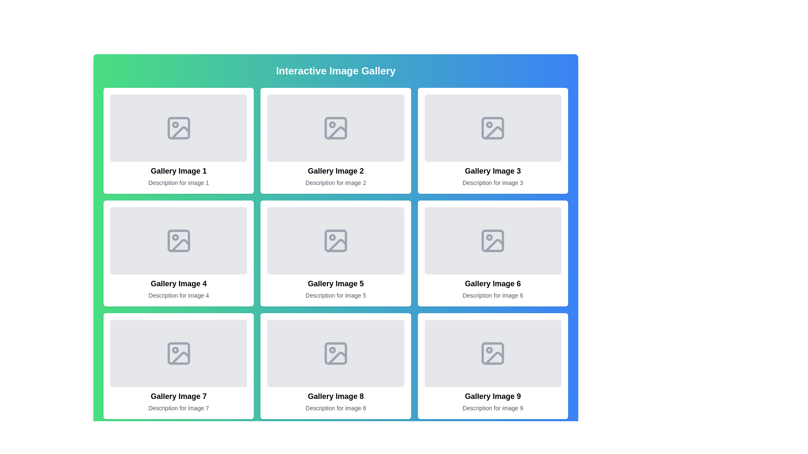 Image resolution: width=808 pixels, height=454 pixels. Describe the element at coordinates (335, 128) in the screenshot. I see `the rounded rectangle shape inside the 'Gallery Image 2' section of the interactive image gallery` at that location.